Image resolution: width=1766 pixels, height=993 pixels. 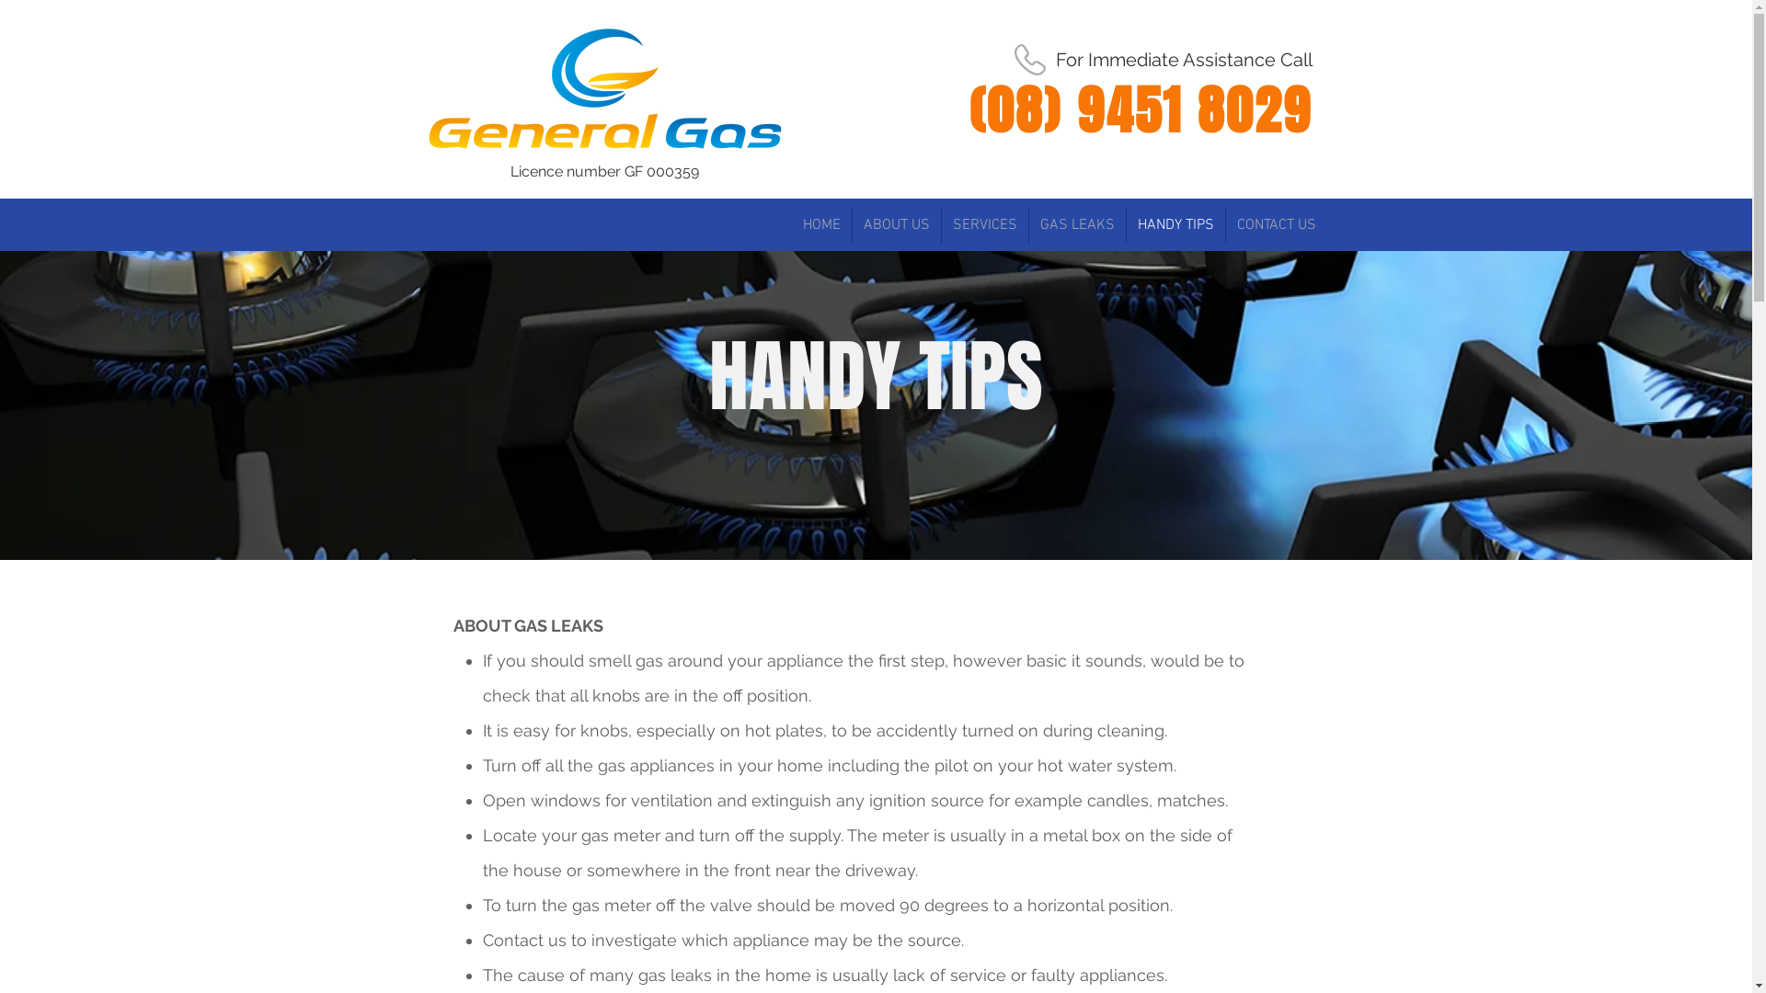 I want to click on 'HANDY TIPS', so click(x=1125, y=224).